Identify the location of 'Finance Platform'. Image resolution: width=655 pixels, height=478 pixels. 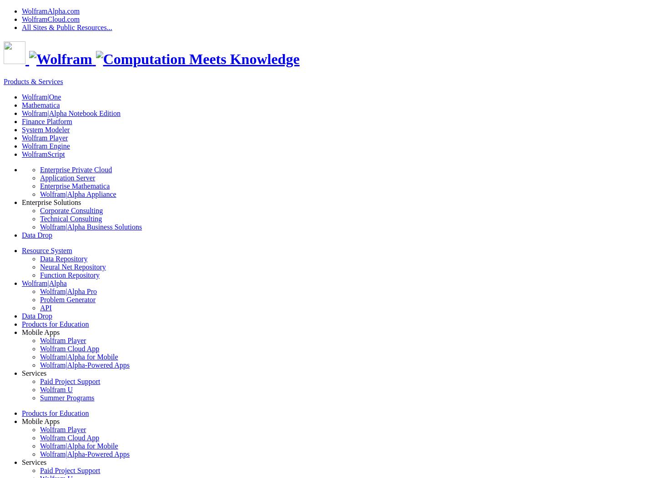
(46, 121).